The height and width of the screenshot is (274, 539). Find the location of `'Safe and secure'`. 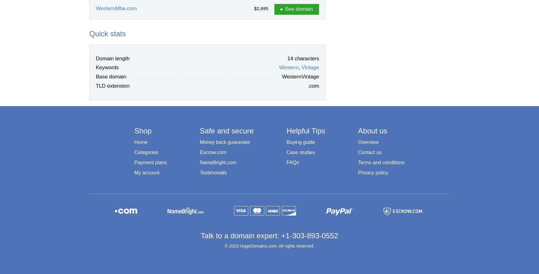

'Safe and secure' is located at coordinates (199, 131).